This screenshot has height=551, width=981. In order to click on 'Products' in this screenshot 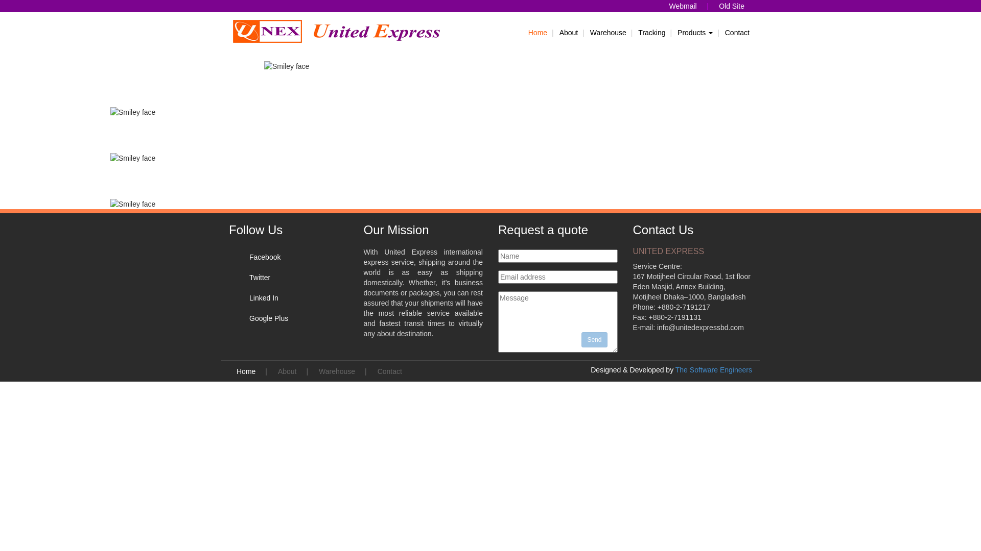, I will do `click(695, 32)`.